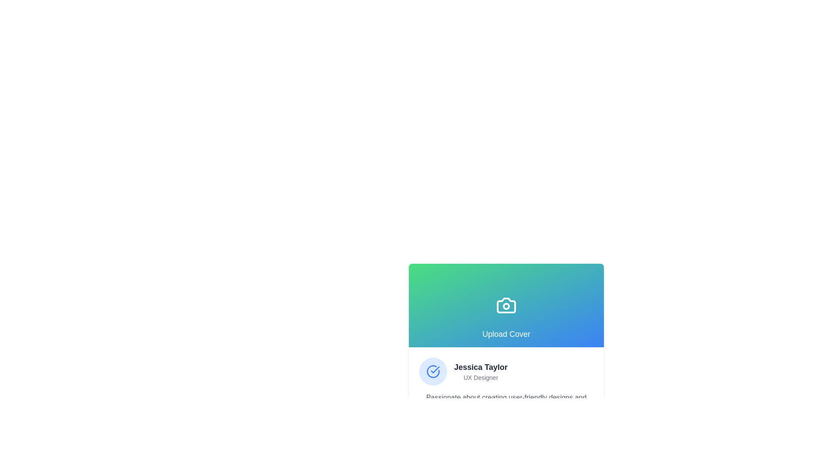 The height and width of the screenshot is (470, 836). I want to click on the 'Upload Cover' text label, which is styled in white and positioned against a gradient background, located near the bottom-center of the header section, so click(506, 333).